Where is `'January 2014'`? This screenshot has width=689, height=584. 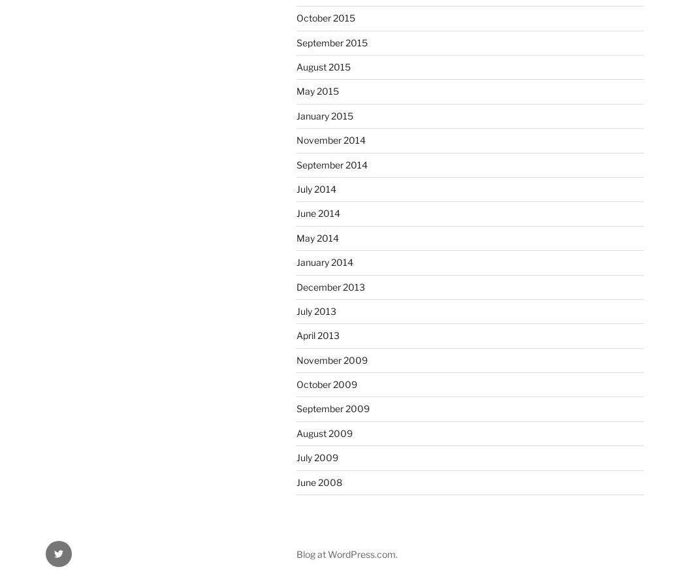 'January 2014' is located at coordinates (295, 261).